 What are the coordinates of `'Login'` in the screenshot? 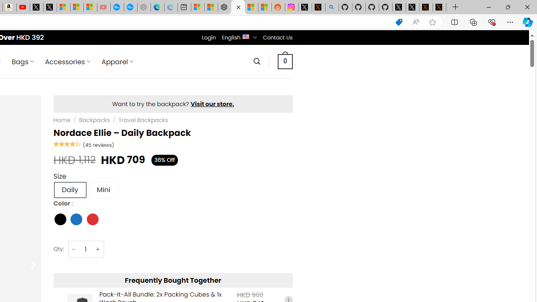 It's located at (209, 37).